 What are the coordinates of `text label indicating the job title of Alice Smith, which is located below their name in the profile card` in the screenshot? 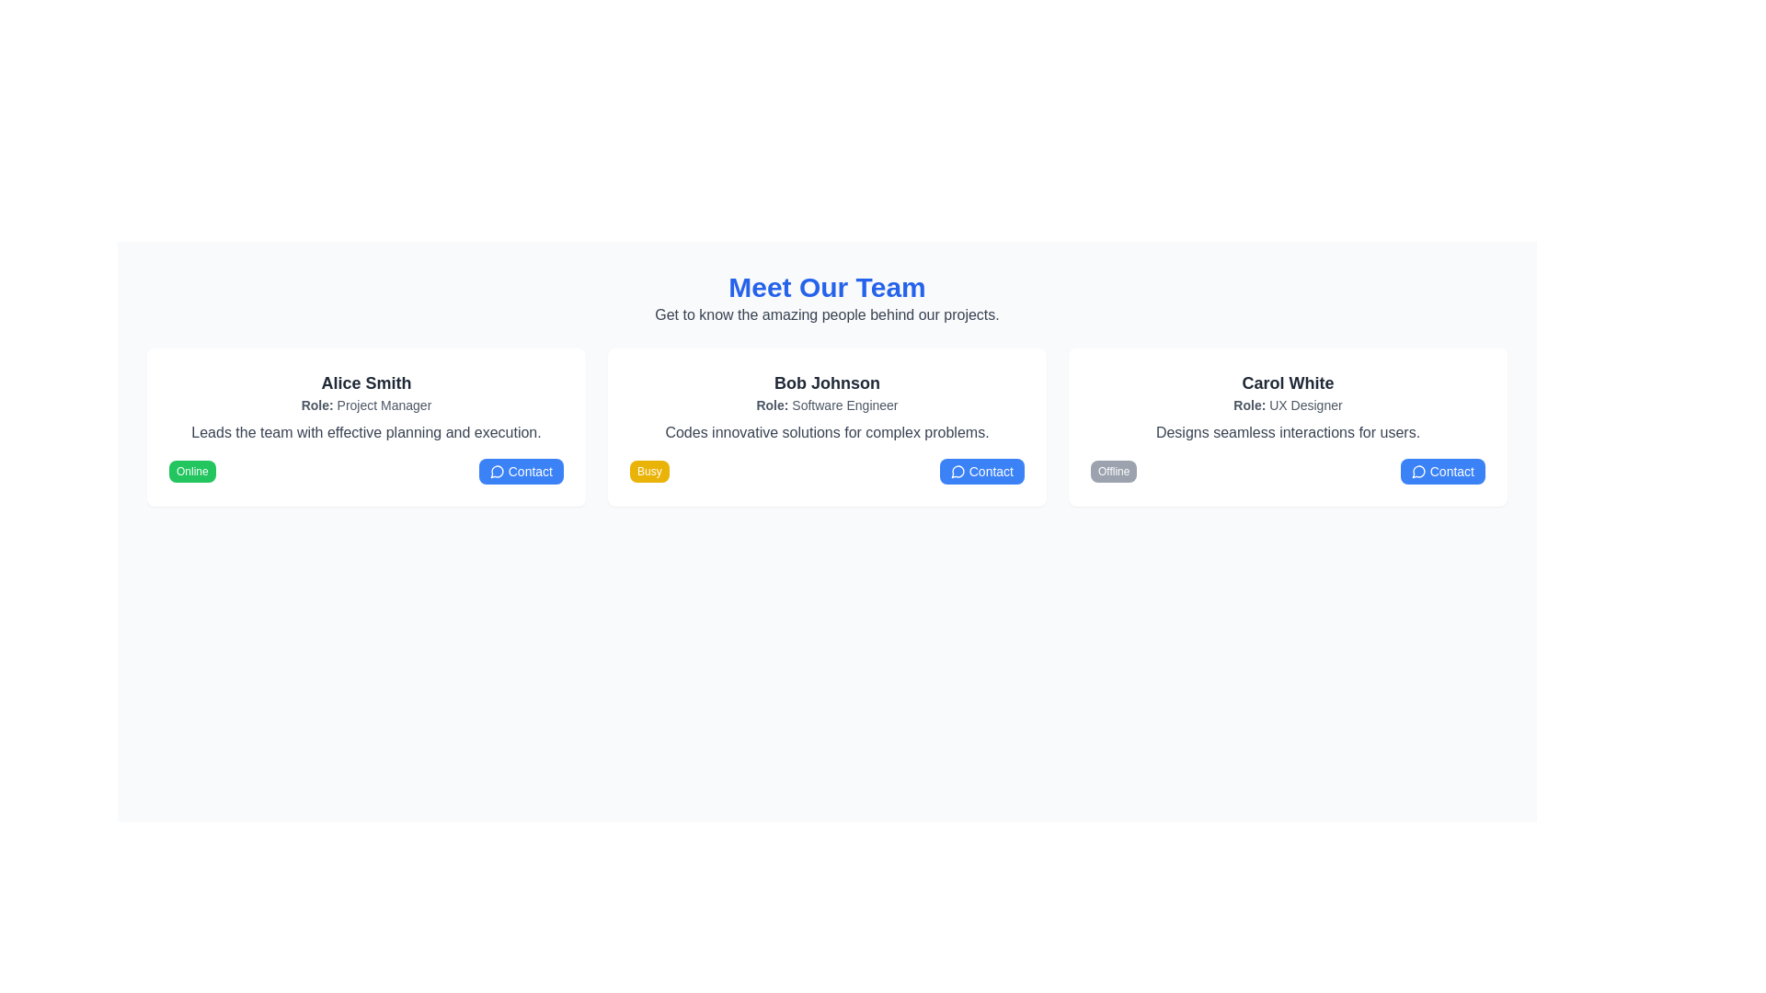 It's located at (366, 404).